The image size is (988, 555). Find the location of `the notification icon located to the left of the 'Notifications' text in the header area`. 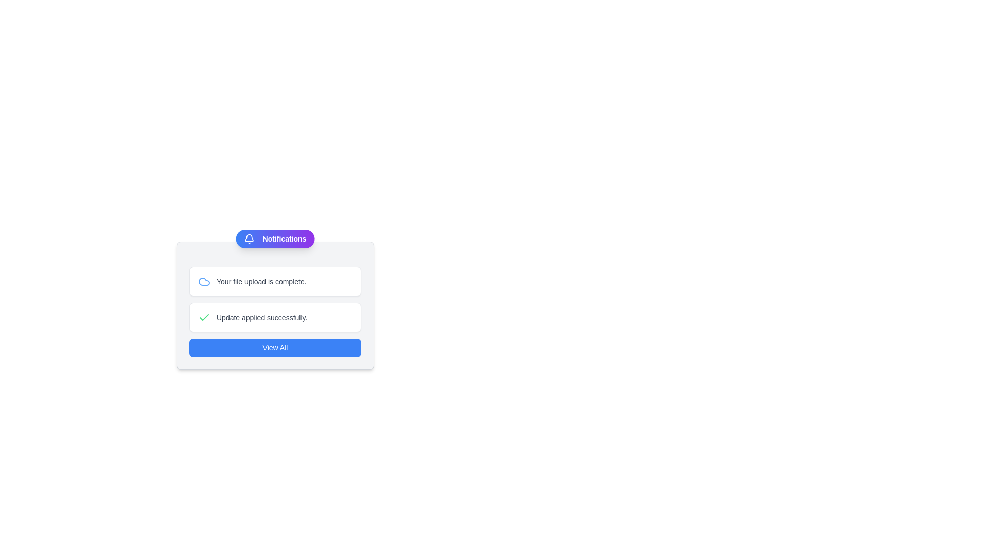

the notification icon located to the left of the 'Notifications' text in the header area is located at coordinates (249, 239).